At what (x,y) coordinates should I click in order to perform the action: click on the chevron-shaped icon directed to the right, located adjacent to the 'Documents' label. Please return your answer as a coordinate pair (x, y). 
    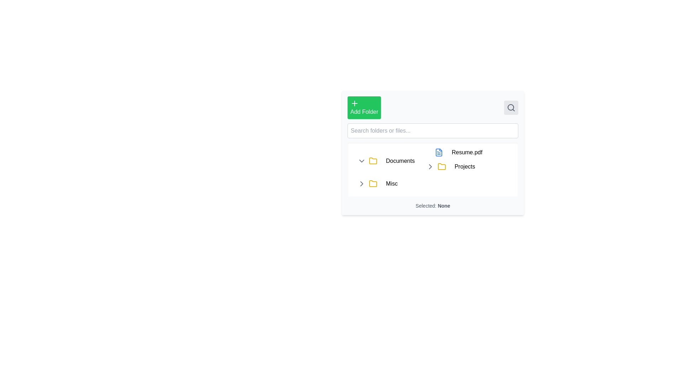
    Looking at the image, I should click on (430, 167).